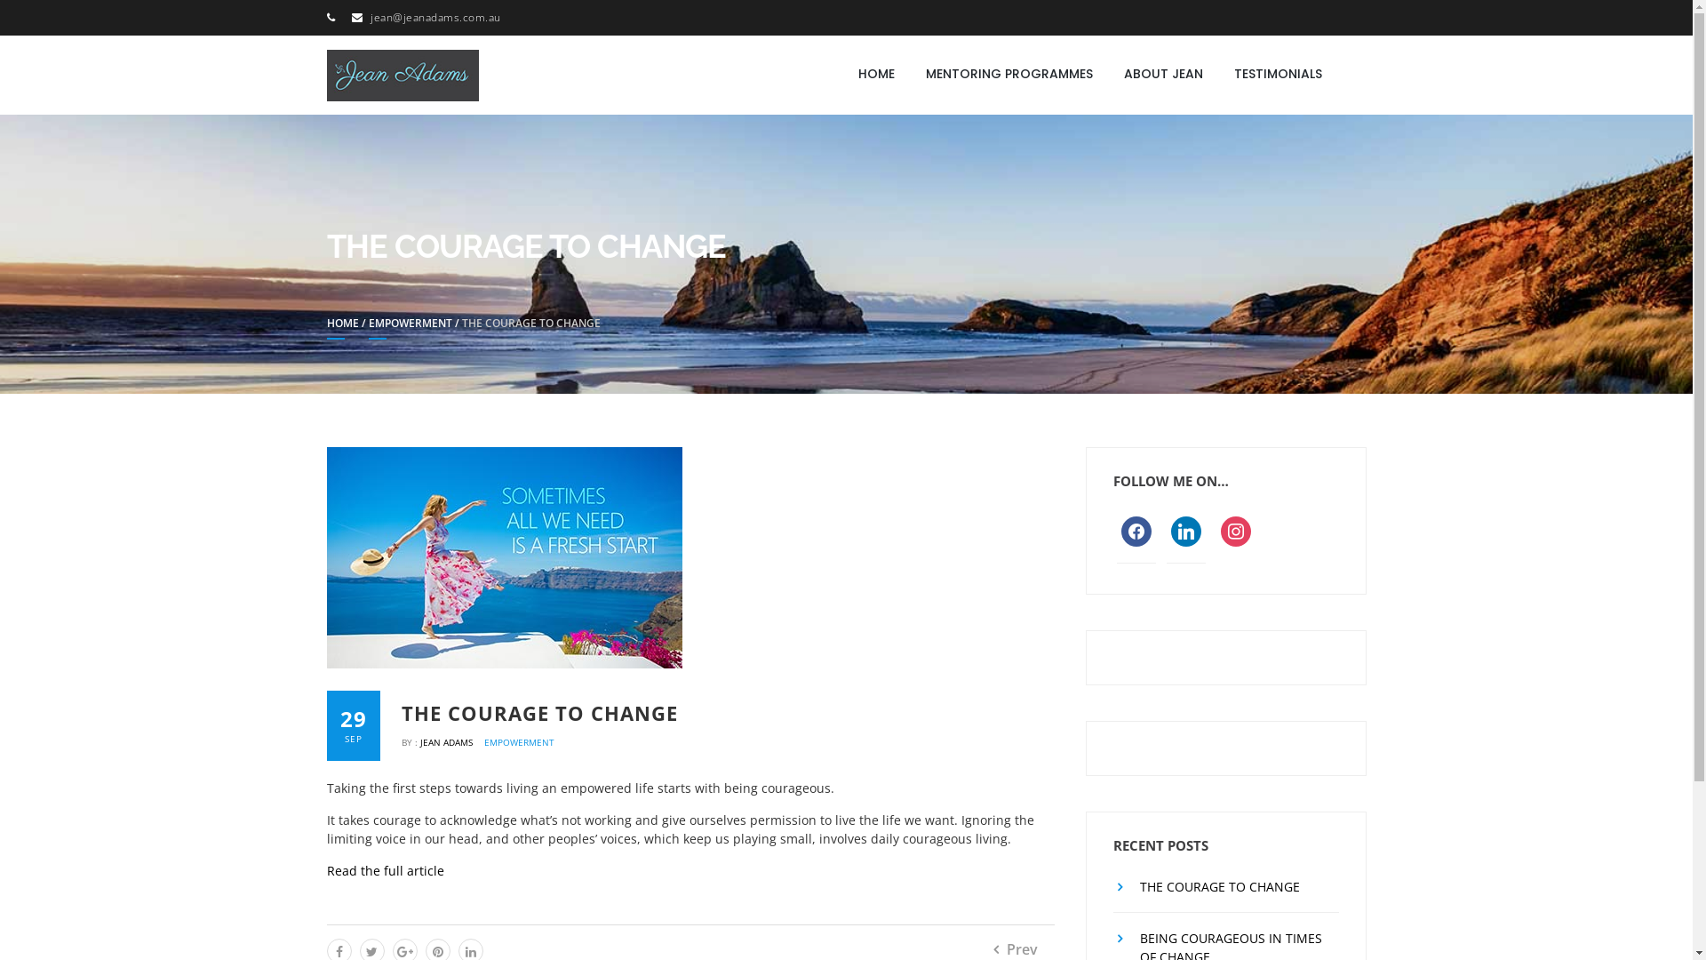 Image resolution: width=1706 pixels, height=960 pixels. Describe the element at coordinates (1163, 73) in the screenshot. I see `'ABOUT JEAN'` at that location.